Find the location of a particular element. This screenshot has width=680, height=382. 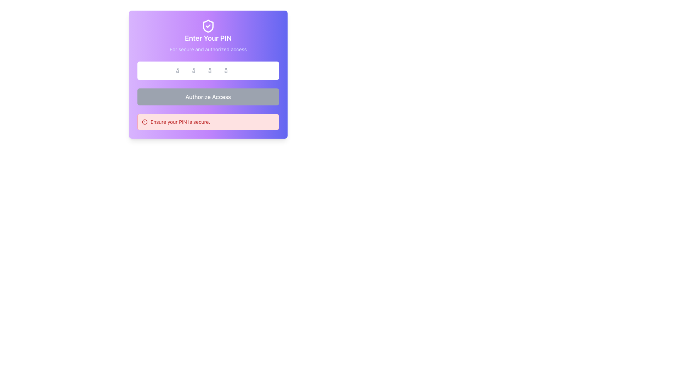

the informational content block that serves as an instructional header for the PIN entry section, positioned at the top of the gradient card interface is located at coordinates (208, 36).